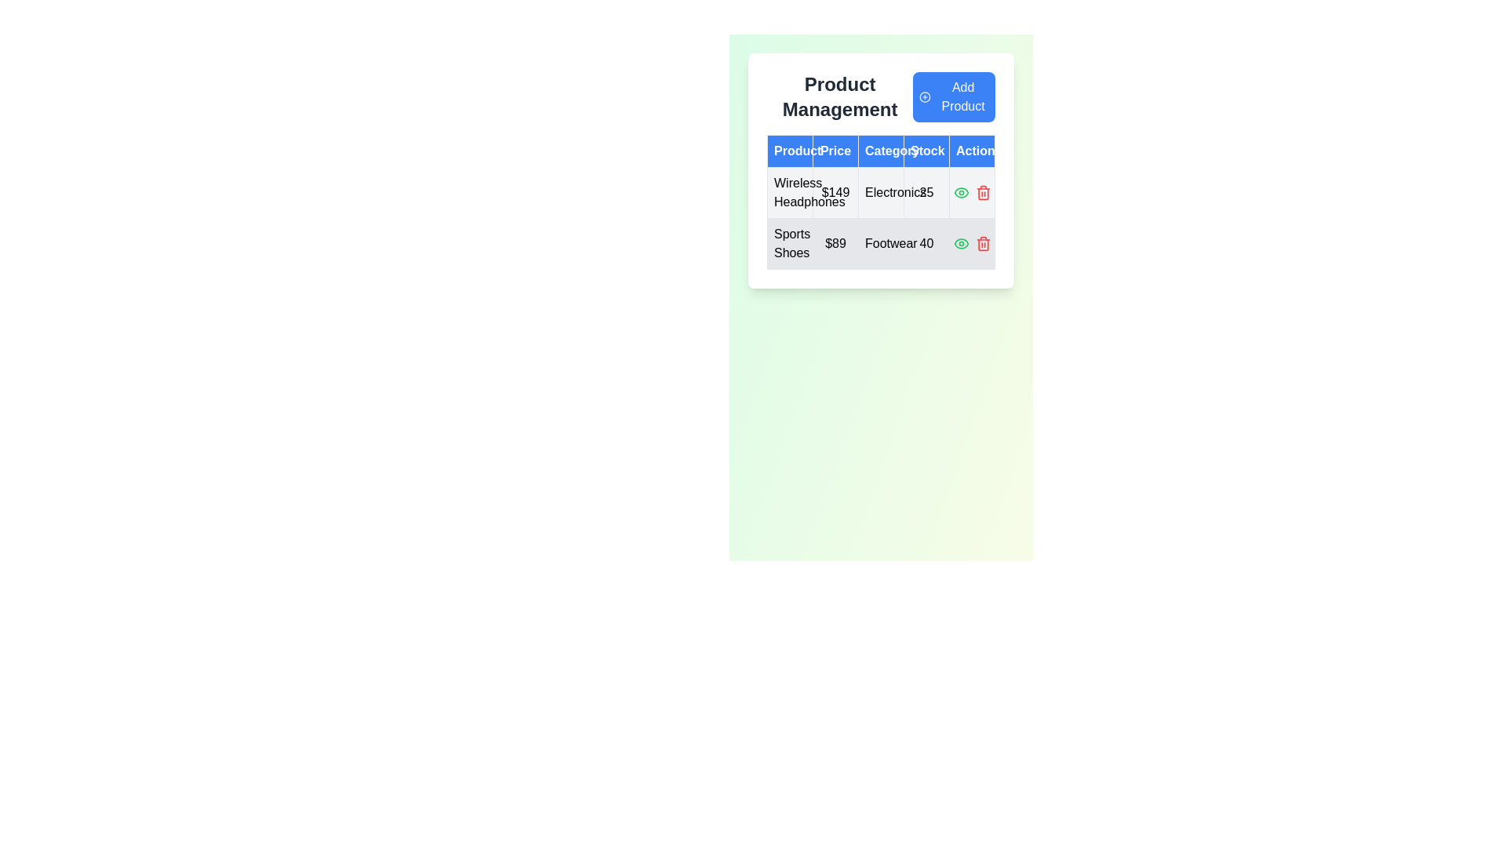 This screenshot has height=847, width=1506. Describe the element at coordinates (835, 244) in the screenshot. I see `displayed price information for the product 'Sports Shoes' located in the second cell of the 'Price' column within the table` at that location.